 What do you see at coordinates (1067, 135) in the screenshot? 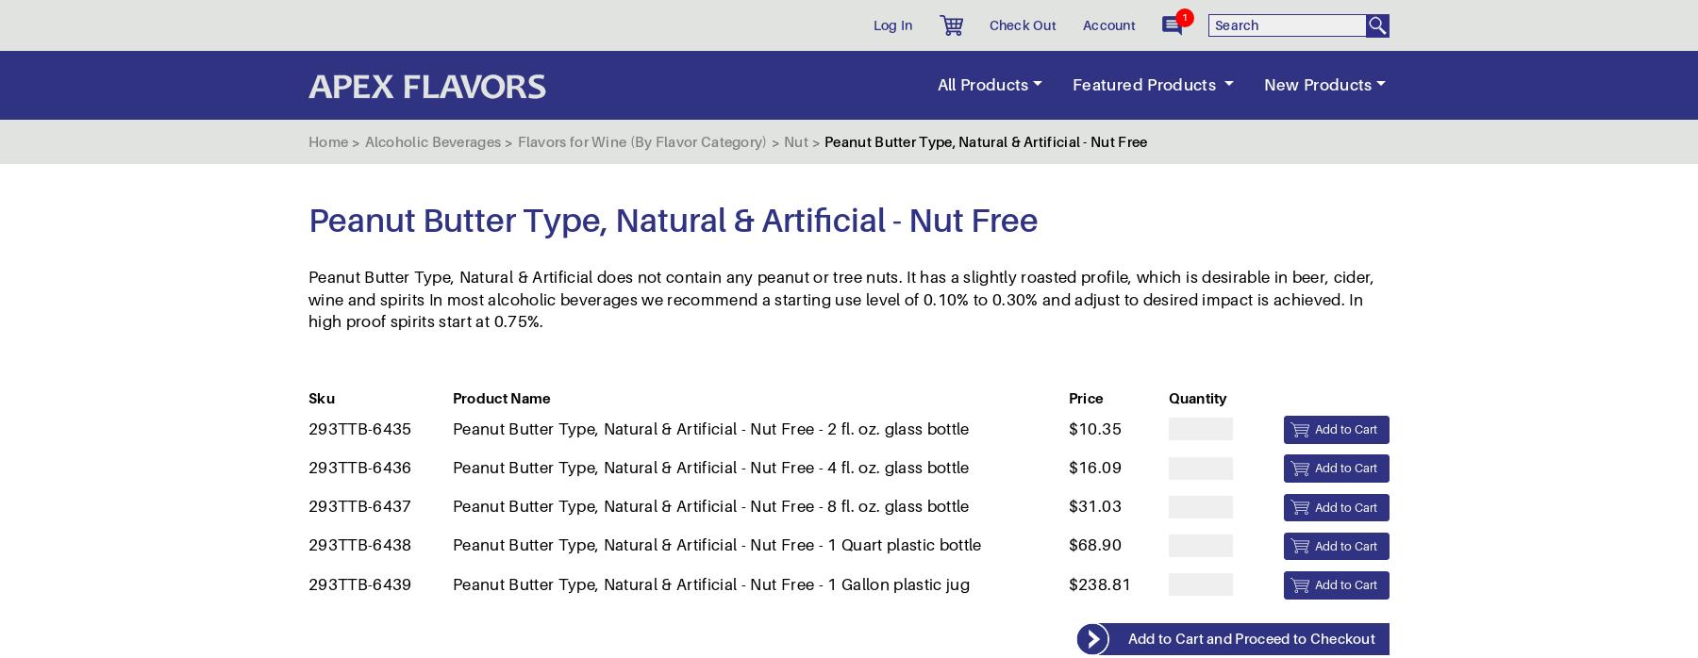
I see `'$31.03'` at bounding box center [1067, 135].